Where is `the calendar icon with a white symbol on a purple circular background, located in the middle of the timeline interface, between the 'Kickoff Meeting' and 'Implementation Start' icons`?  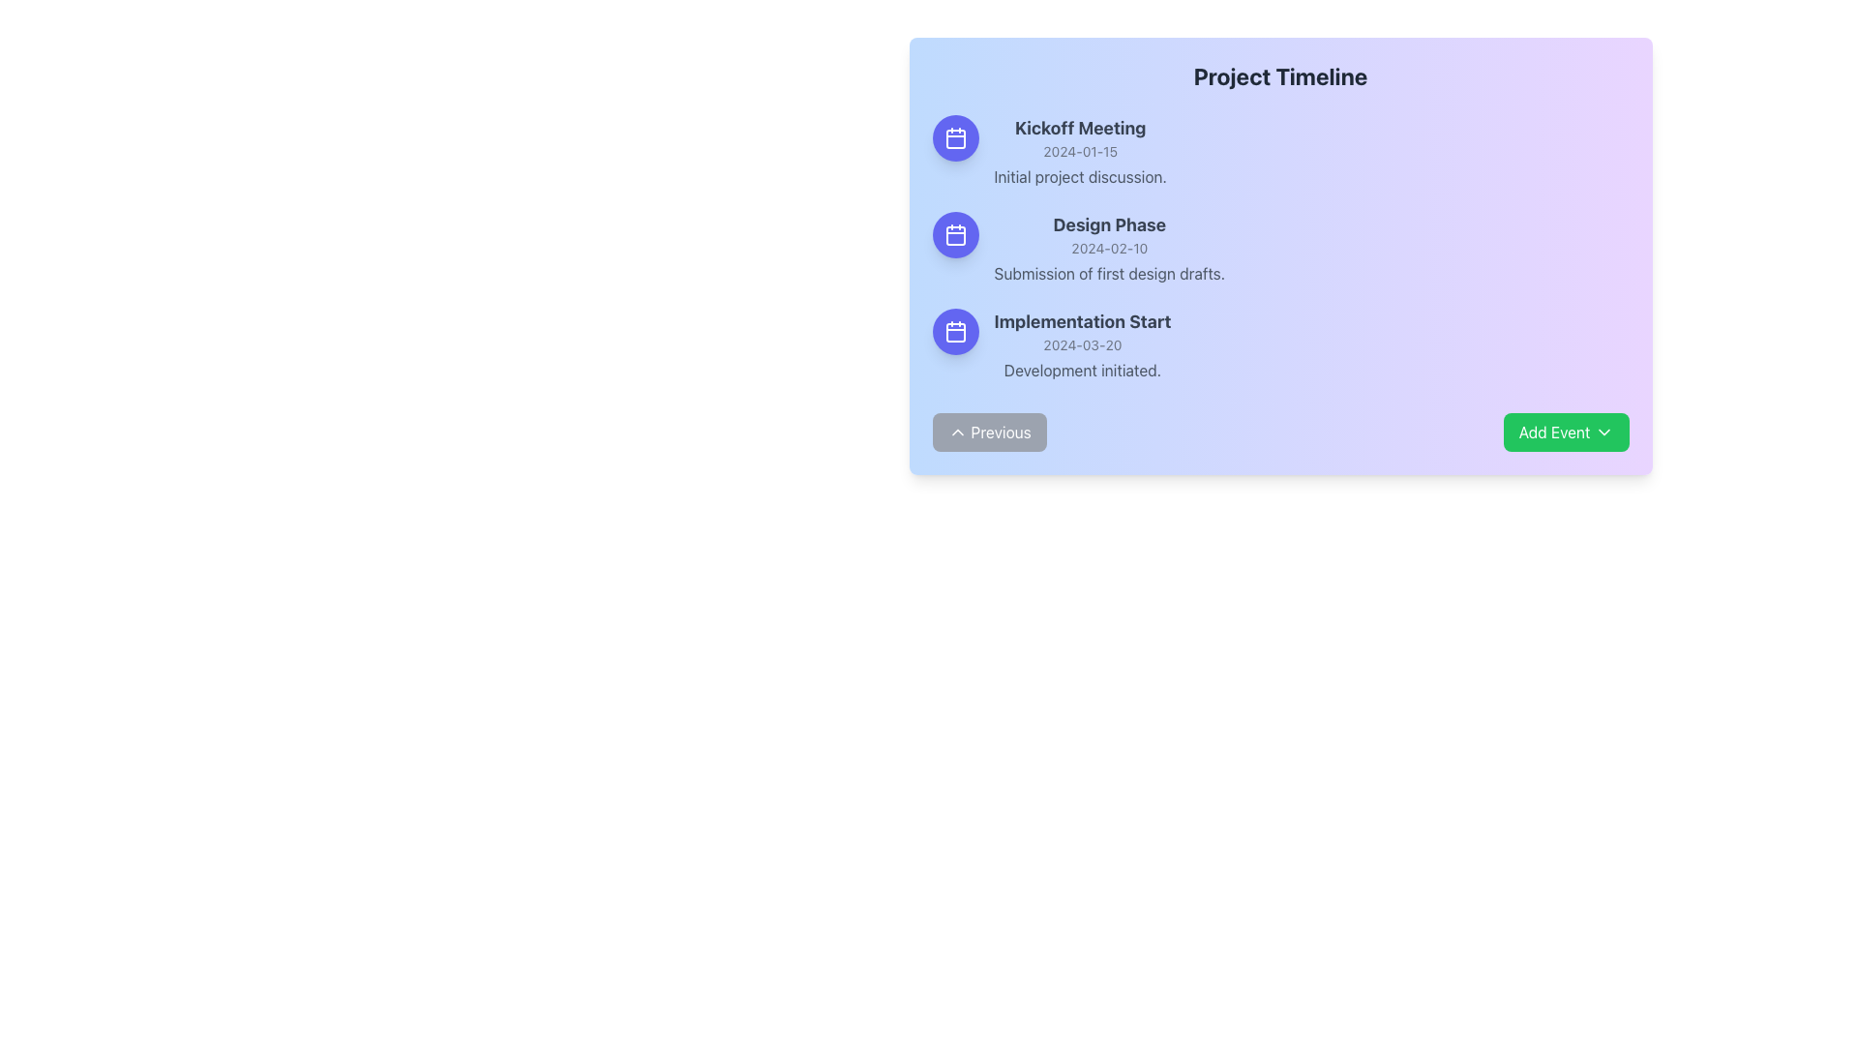 the calendar icon with a white symbol on a purple circular background, located in the middle of the timeline interface, between the 'Kickoff Meeting' and 'Implementation Start' icons is located at coordinates (955, 234).